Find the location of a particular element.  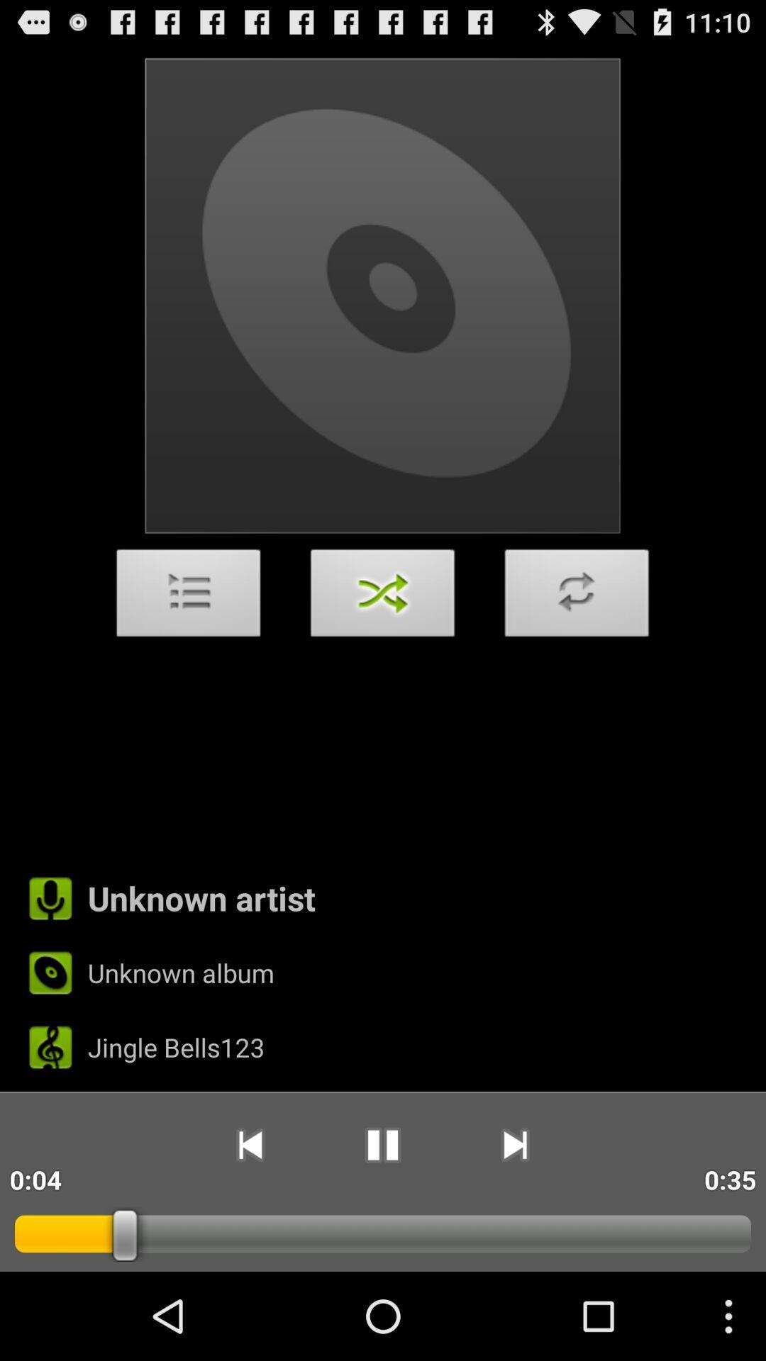

app above the unknown artist item is located at coordinates (383, 597).